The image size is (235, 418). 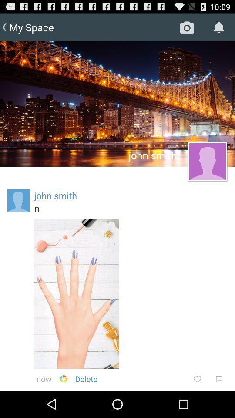 I want to click on icon below the n item, so click(x=218, y=378).